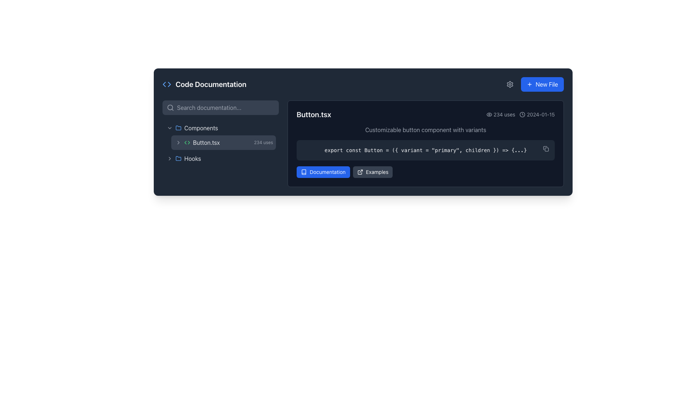  I want to click on the blue folder icon located in the left navigation bar under the 'Components' section, so click(178, 127).